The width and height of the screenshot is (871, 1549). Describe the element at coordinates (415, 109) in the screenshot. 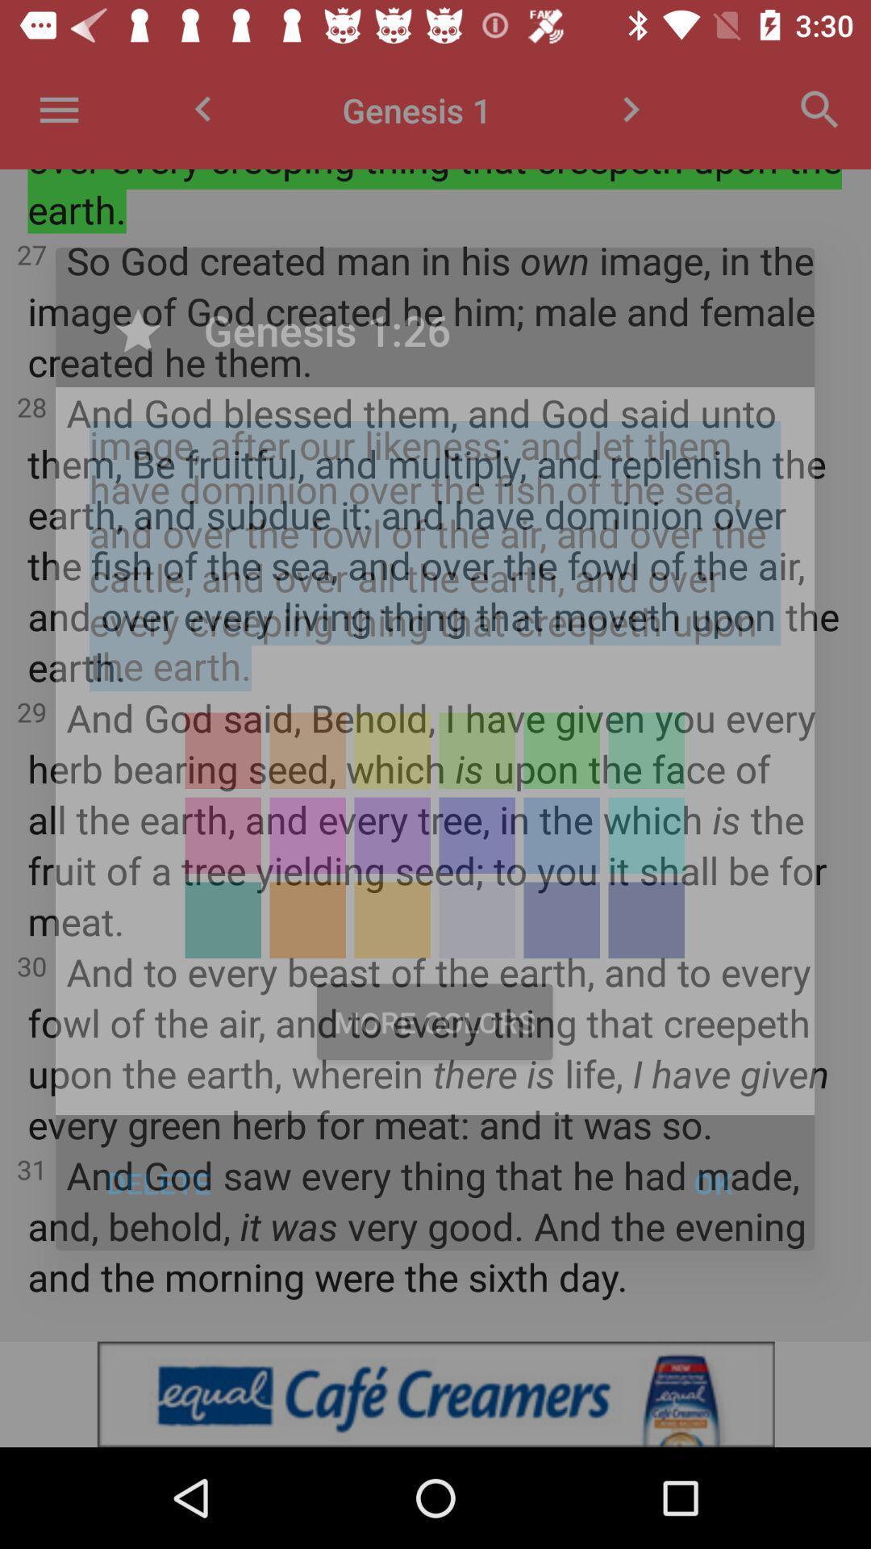

I see `genesis 1` at that location.